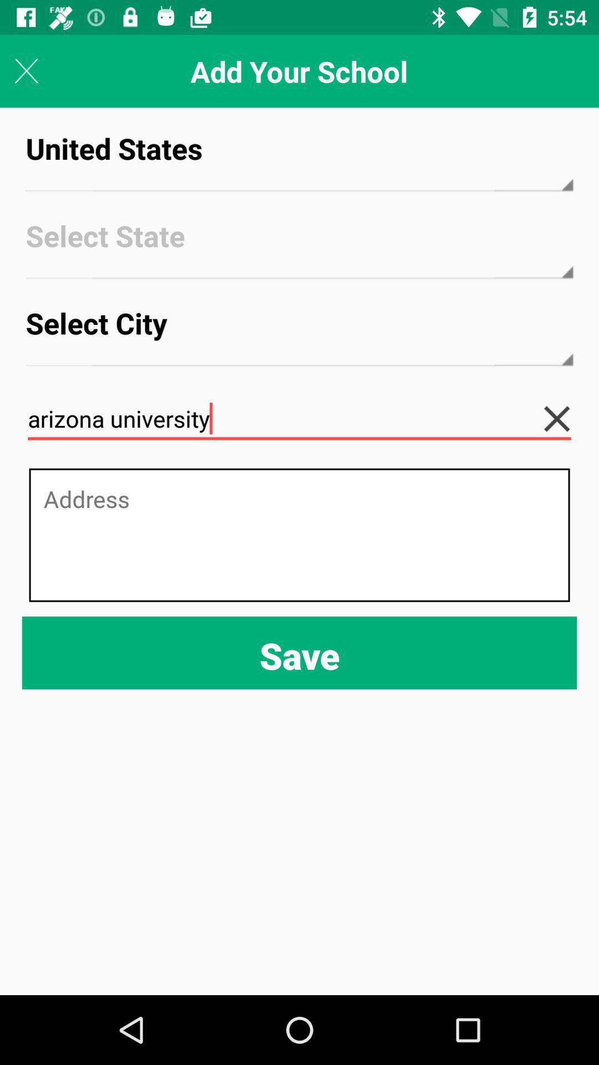 The width and height of the screenshot is (599, 1065). I want to click on the icon below the select city, so click(565, 418).